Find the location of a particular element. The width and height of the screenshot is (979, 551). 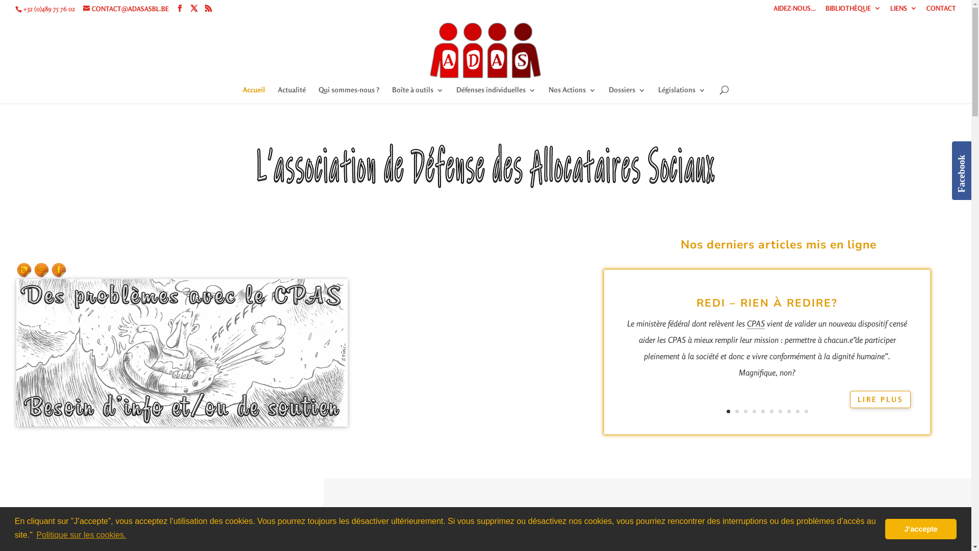

'CONTACT@ADASASBL.BE' is located at coordinates (125, 8).